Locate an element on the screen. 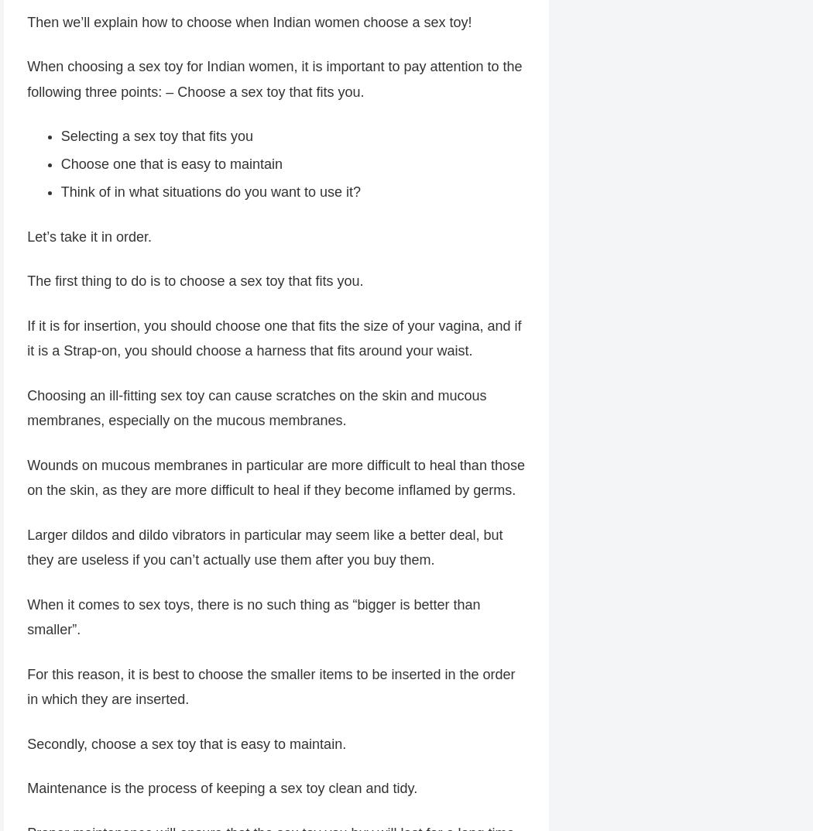  'If it is for insertion, you should choose one that fits the size of your vagina, and if it is a Strap-on, you should choose a harness that fits around your waist.' is located at coordinates (273, 339).